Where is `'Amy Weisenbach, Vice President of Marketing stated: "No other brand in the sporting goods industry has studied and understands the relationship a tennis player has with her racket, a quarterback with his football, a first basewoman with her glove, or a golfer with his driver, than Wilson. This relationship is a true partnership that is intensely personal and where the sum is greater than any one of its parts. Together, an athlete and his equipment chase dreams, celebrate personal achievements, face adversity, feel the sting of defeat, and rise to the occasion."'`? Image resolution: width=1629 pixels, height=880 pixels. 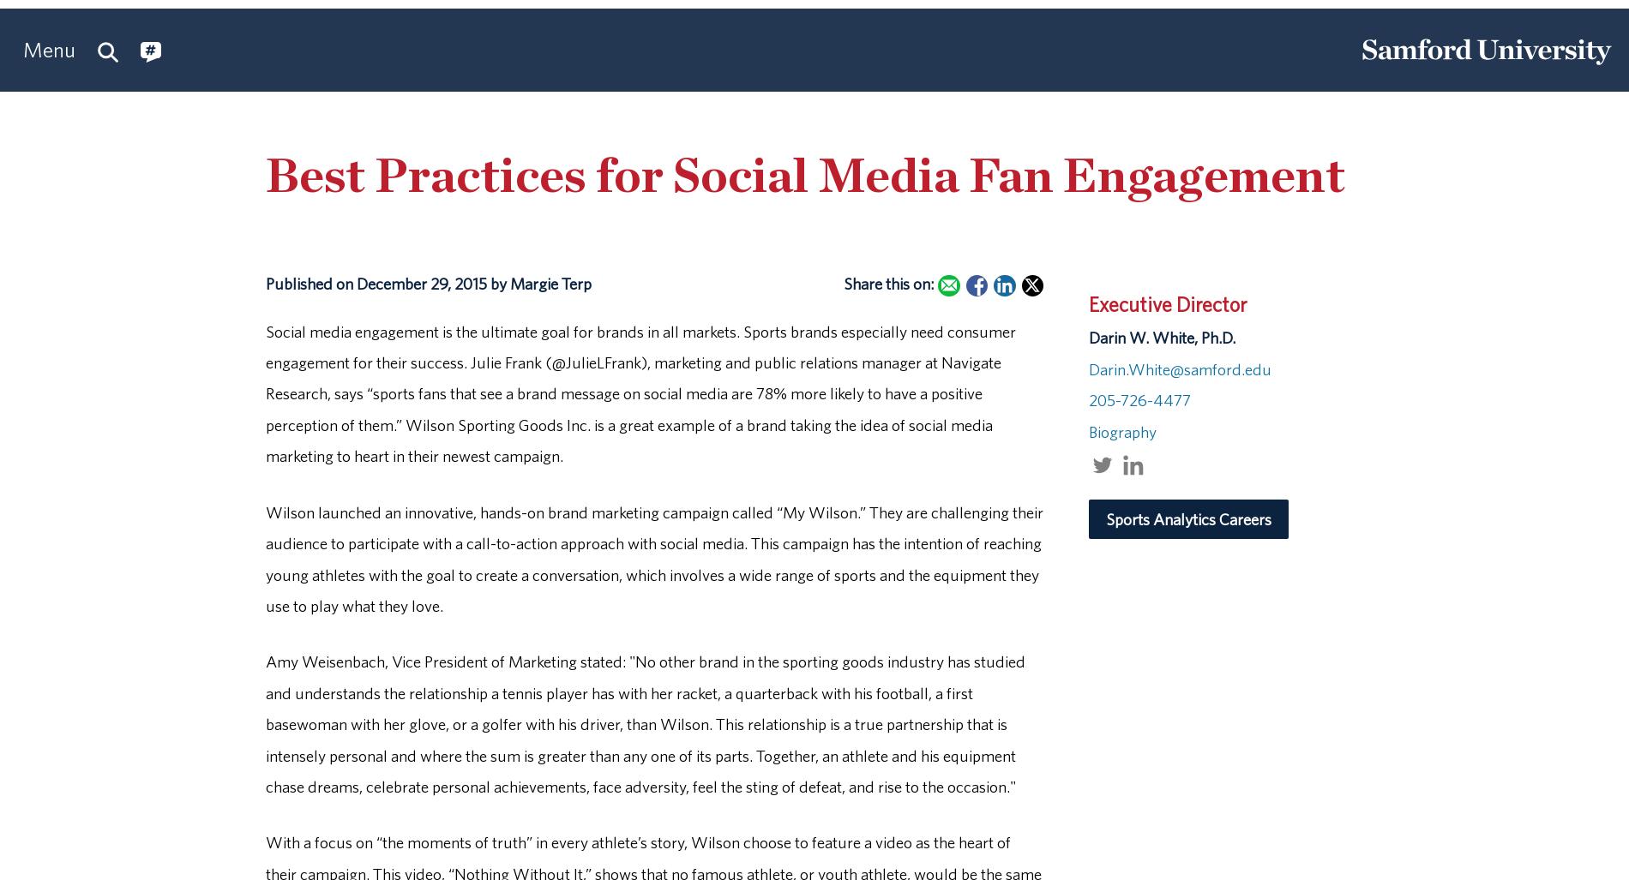
'Amy Weisenbach, Vice President of Marketing stated: "No other brand in the sporting goods industry has studied and understands the relationship a tennis player has with her racket, a quarterback with his football, a first basewoman with her glove, or a golfer with his driver, than Wilson. This relationship is a true partnership that is intensely personal and where the sum is greater than any one of its parts. Together, an athlete and his equipment chase dreams, celebrate personal achievements, face adversity, feel the sting of defeat, and rise to the occasion."' is located at coordinates (644, 724).